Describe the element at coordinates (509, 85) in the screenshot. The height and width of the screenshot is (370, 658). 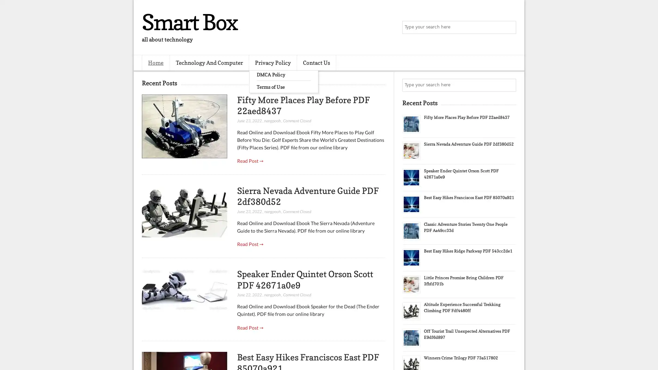
I see `Search` at that location.